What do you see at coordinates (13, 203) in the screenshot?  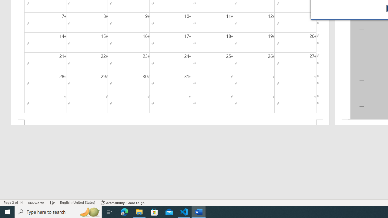 I see `'Page Number Page 2 of 14'` at bounding box center [13, 203].